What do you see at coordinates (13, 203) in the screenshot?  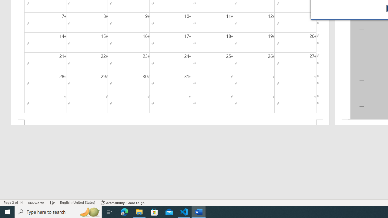 I see `'Page Number Page 2 of 14'` at bounding box center [13, 203].